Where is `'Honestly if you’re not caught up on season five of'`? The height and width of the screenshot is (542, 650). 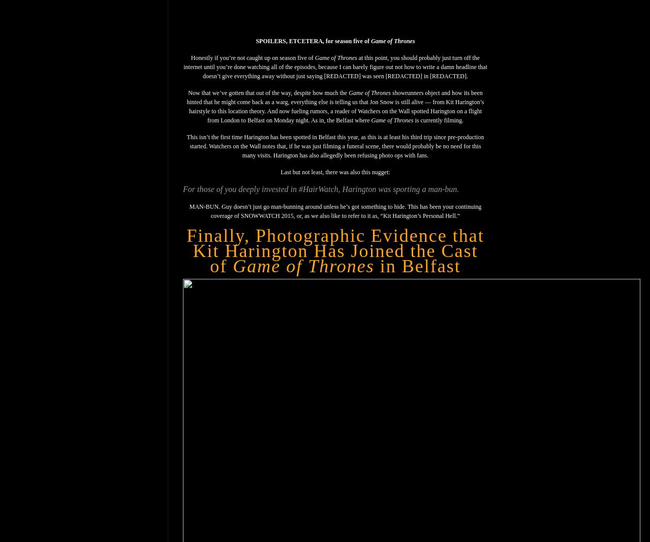
'Honestly if you’re not caught up on season five of' is located at coordinates (253, 57).